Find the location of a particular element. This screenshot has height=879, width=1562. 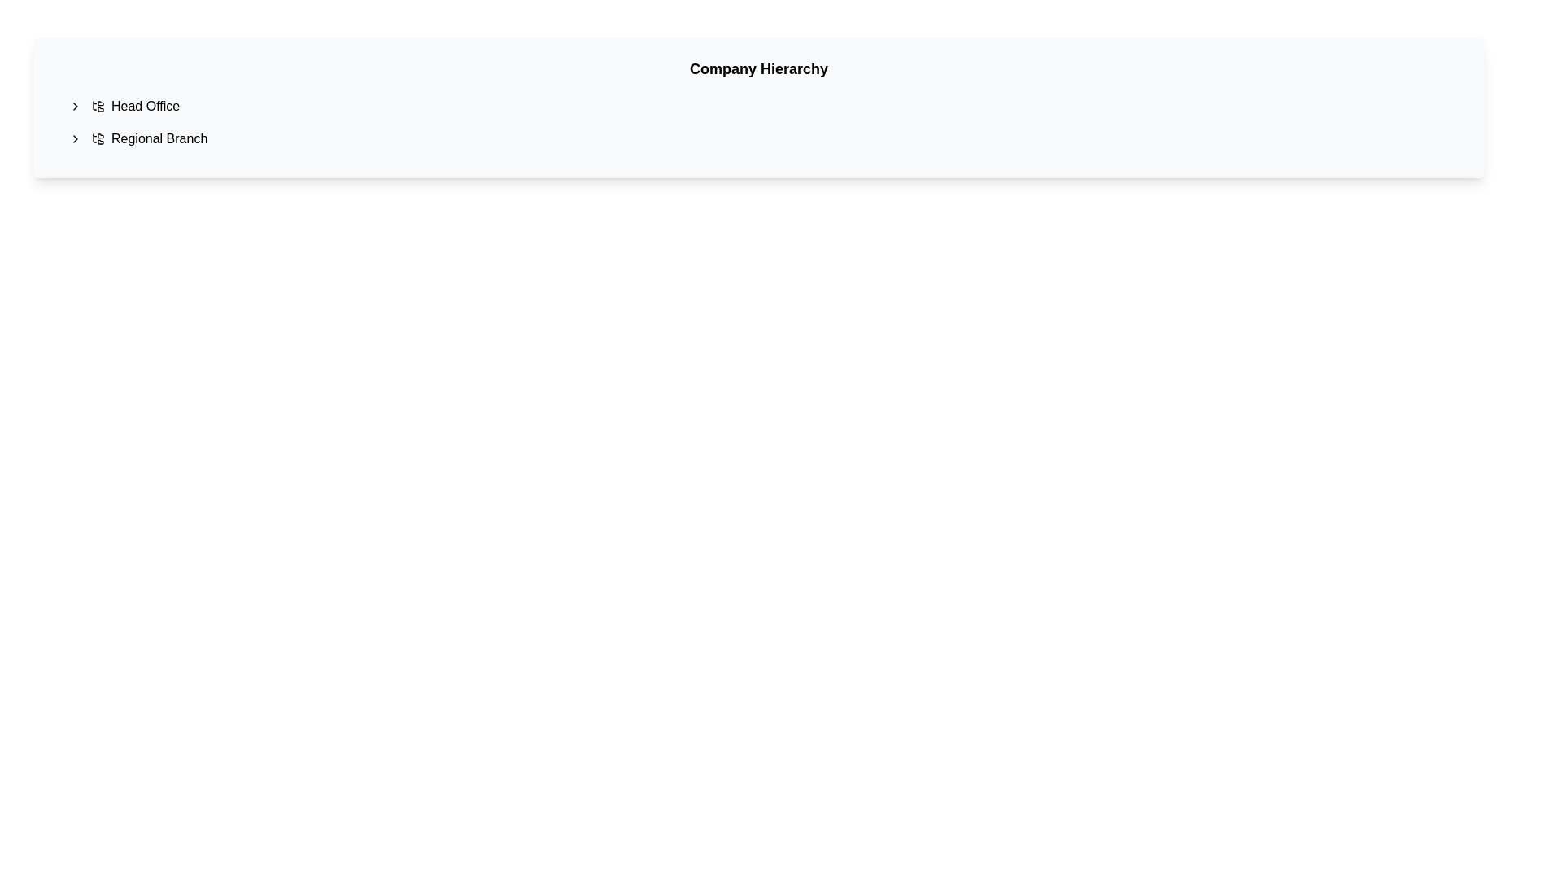

the 'Regional Branch' text label, which is styled clearly and positioned below 'Head Office' in a vertical list is located at coordinates (150, 138).